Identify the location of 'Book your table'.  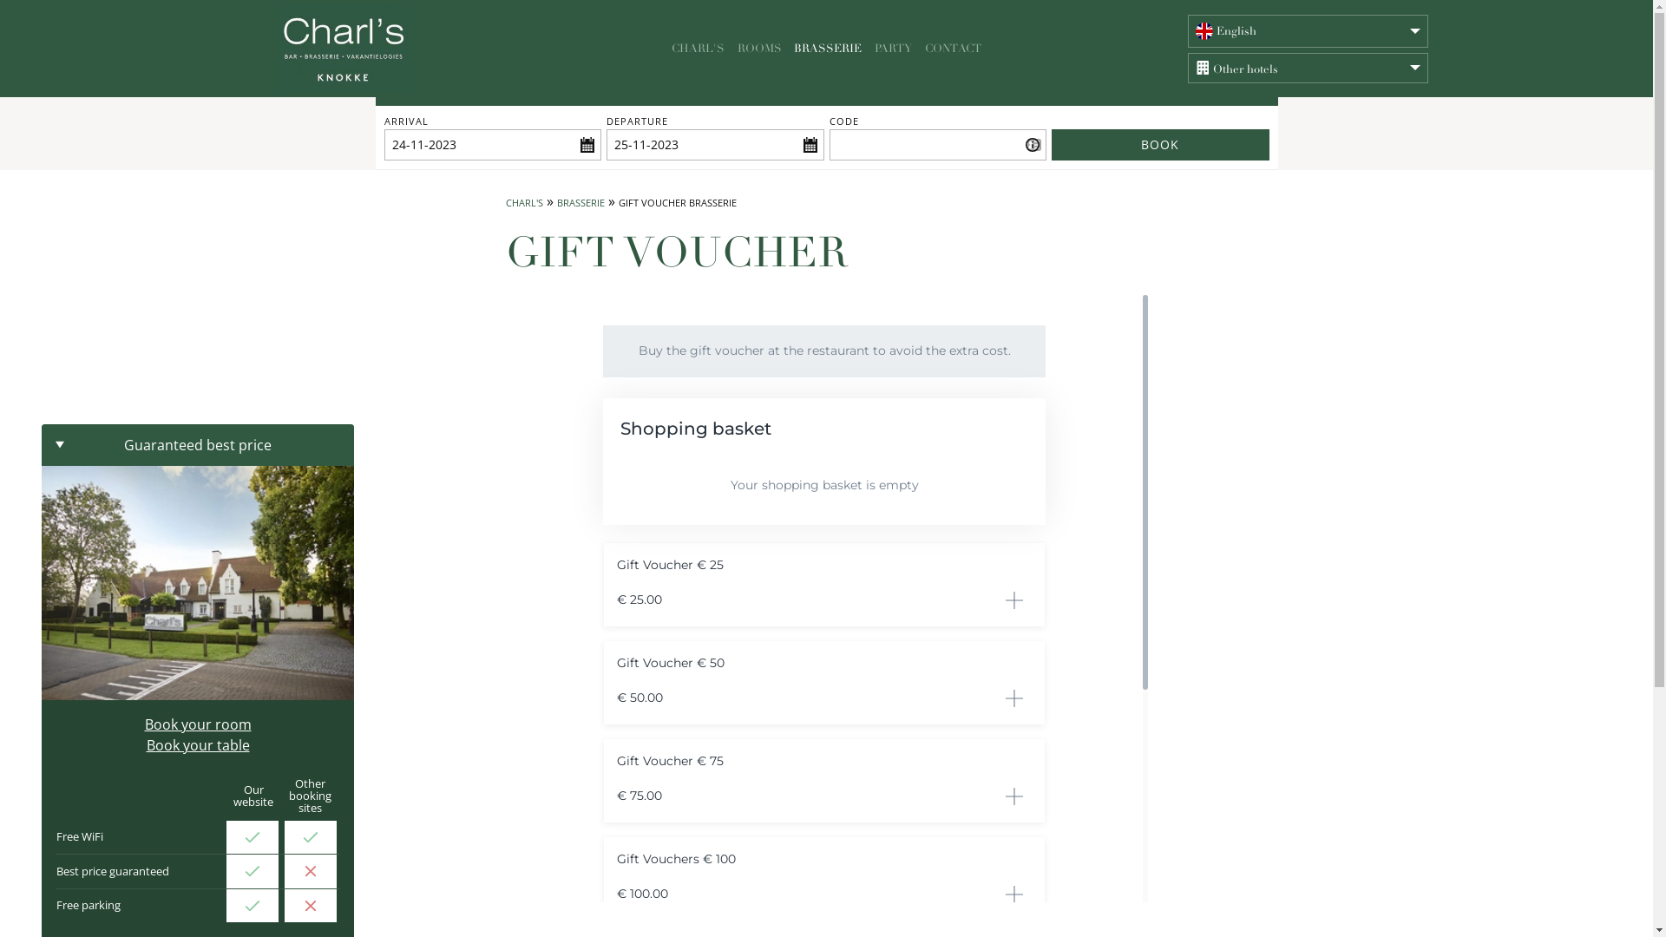
(197, 744).